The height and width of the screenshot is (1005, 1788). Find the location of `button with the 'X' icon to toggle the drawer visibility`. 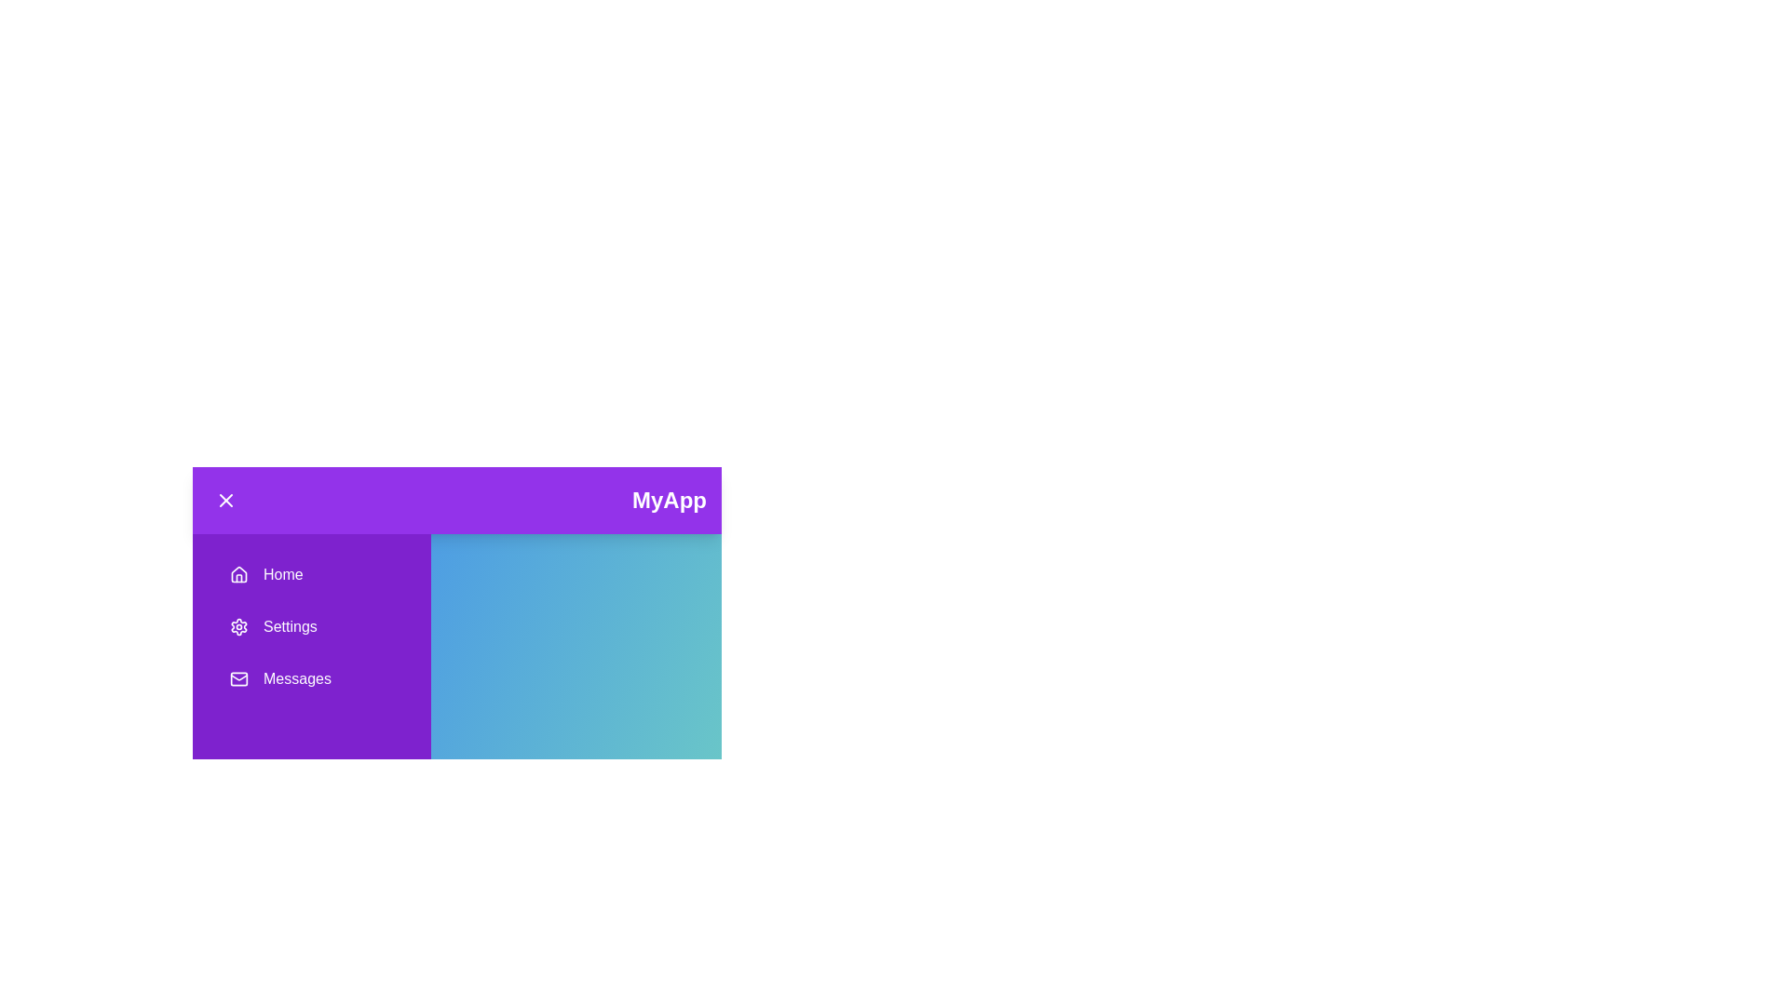

button with the 'X' icon to toggle the drawer visibility is located at coordinates (225, 499).